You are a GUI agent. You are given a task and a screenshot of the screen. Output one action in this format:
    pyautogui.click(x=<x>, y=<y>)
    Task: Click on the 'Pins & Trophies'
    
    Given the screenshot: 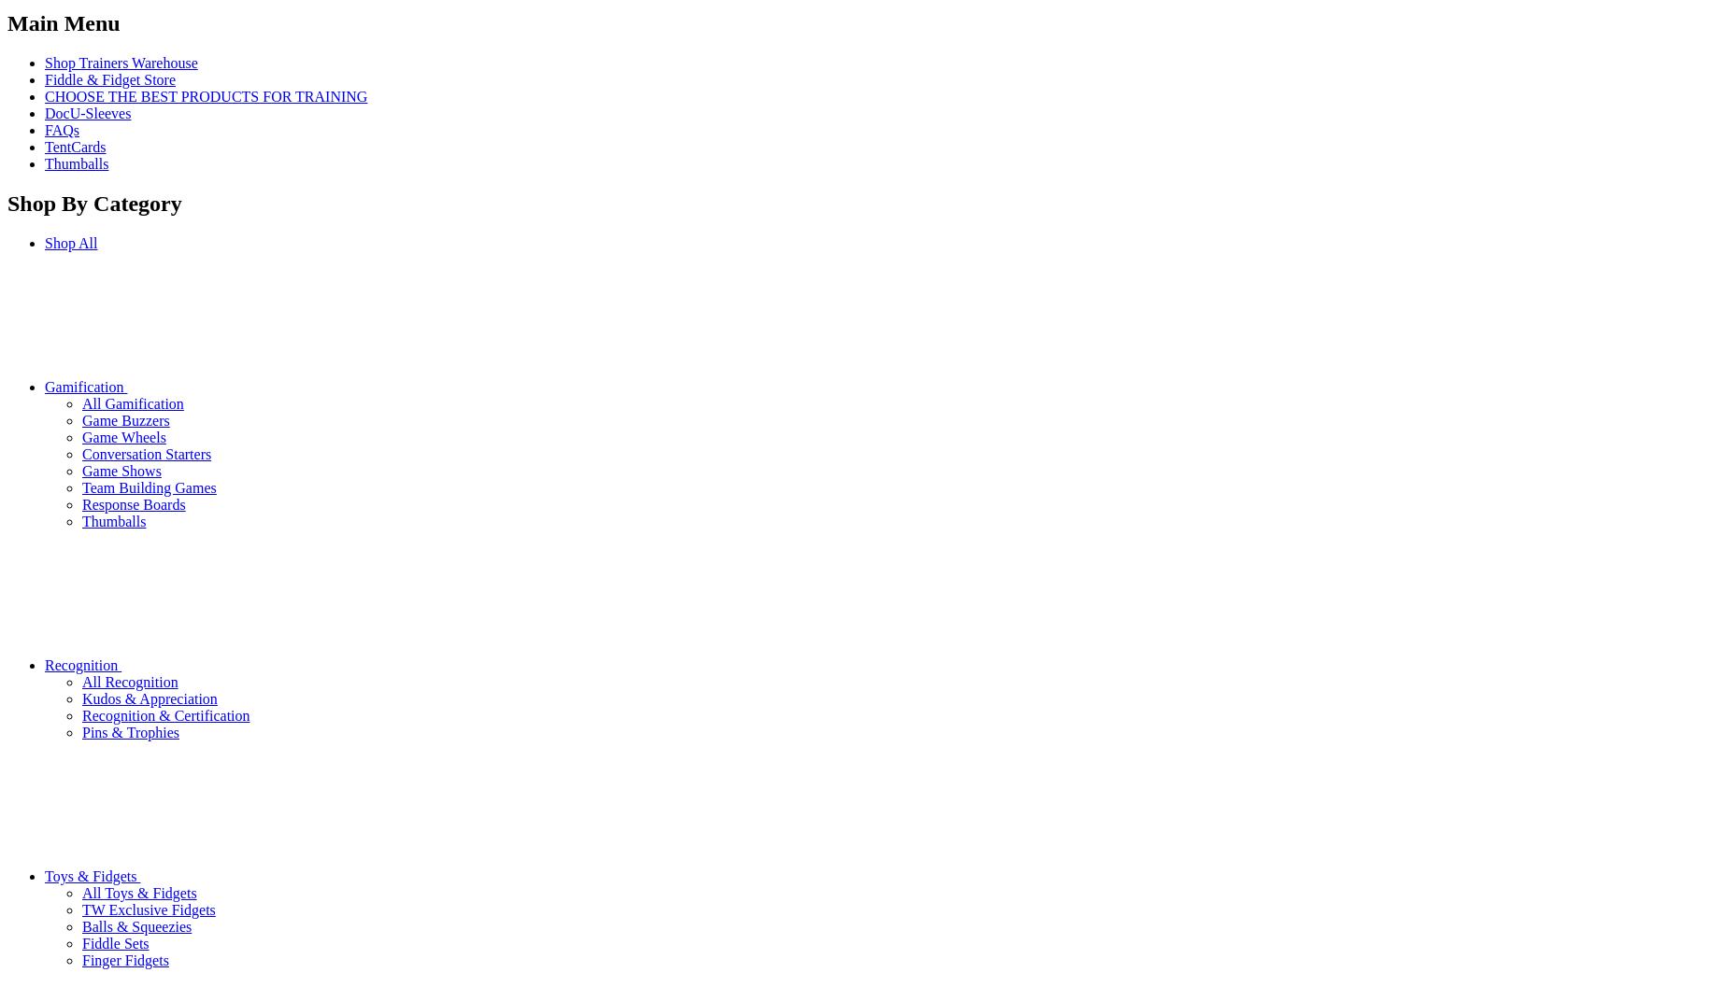 What is the action you would take?
    pyautogui.click(x=130, y=731)
    